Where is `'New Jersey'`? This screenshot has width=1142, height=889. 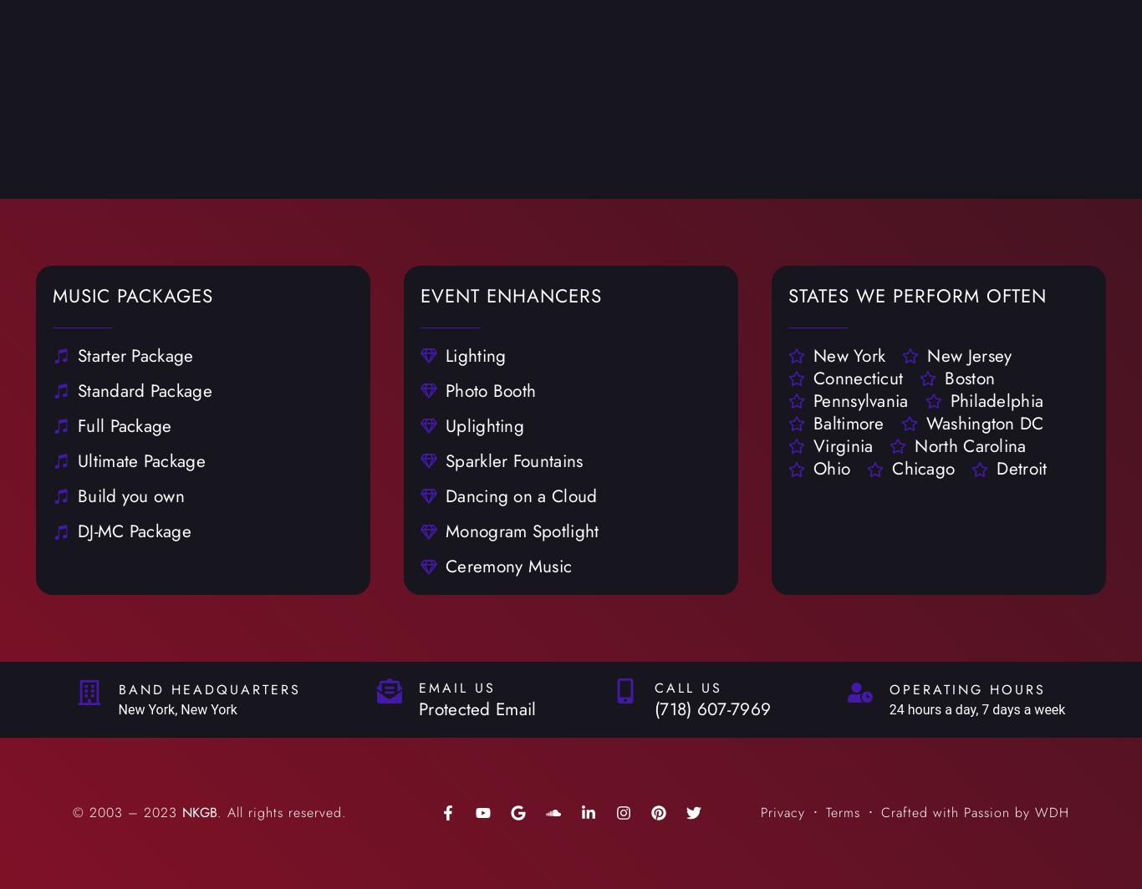 'New Jersey' is located at coordinates (926, 354).